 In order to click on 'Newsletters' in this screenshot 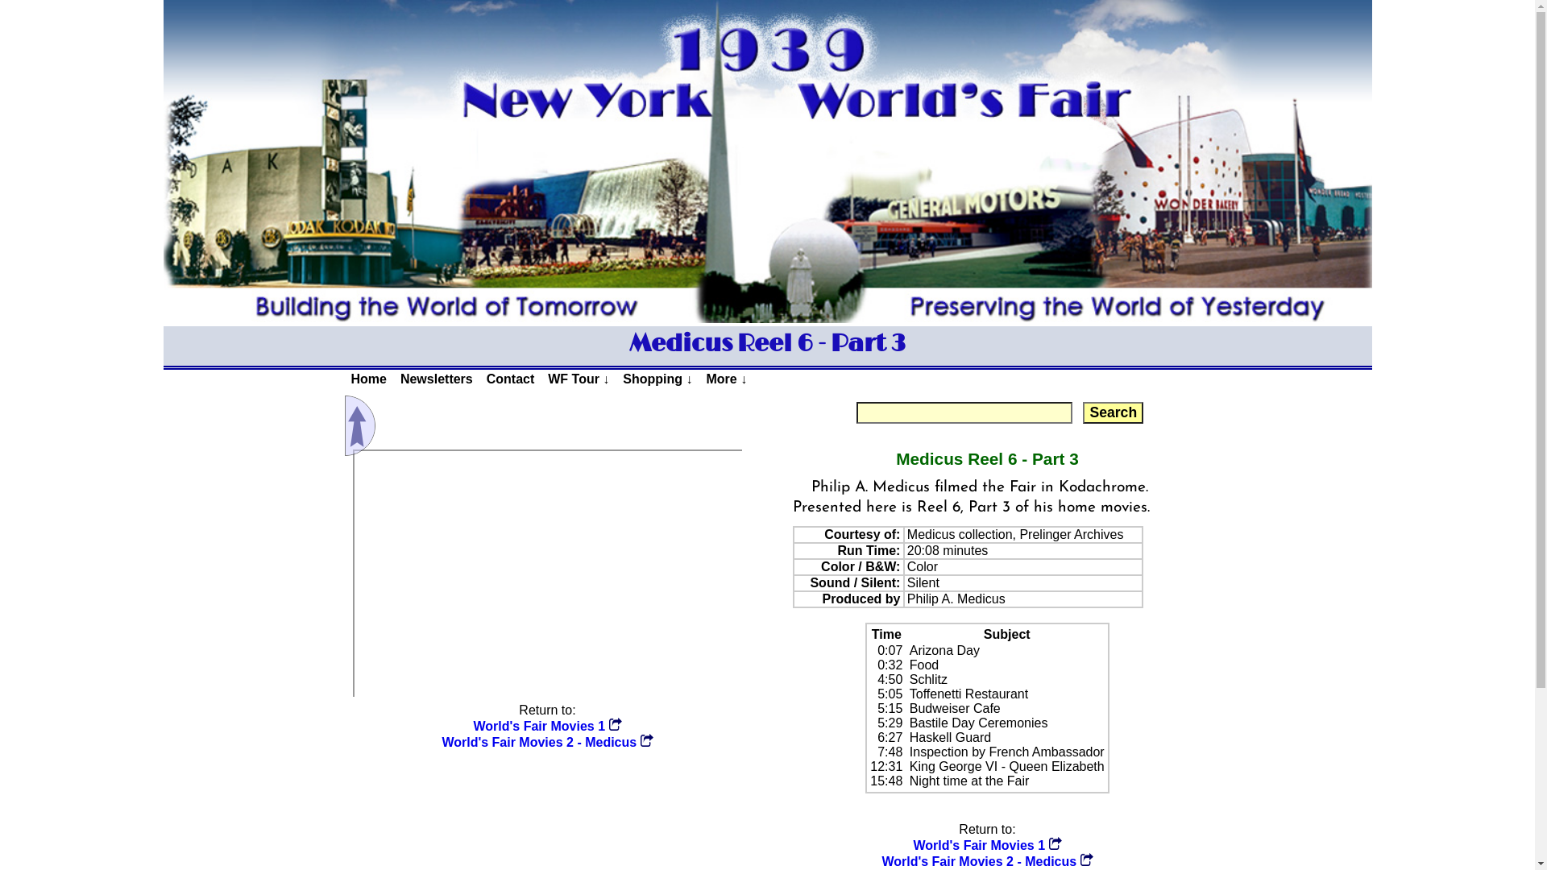, I will do `click(436, 379)`.